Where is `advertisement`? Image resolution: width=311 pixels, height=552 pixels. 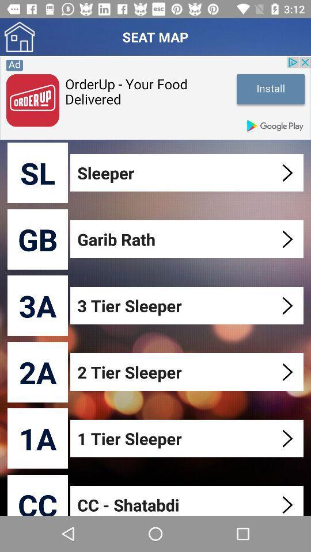 advertisement is located at coordinates (155, 97).